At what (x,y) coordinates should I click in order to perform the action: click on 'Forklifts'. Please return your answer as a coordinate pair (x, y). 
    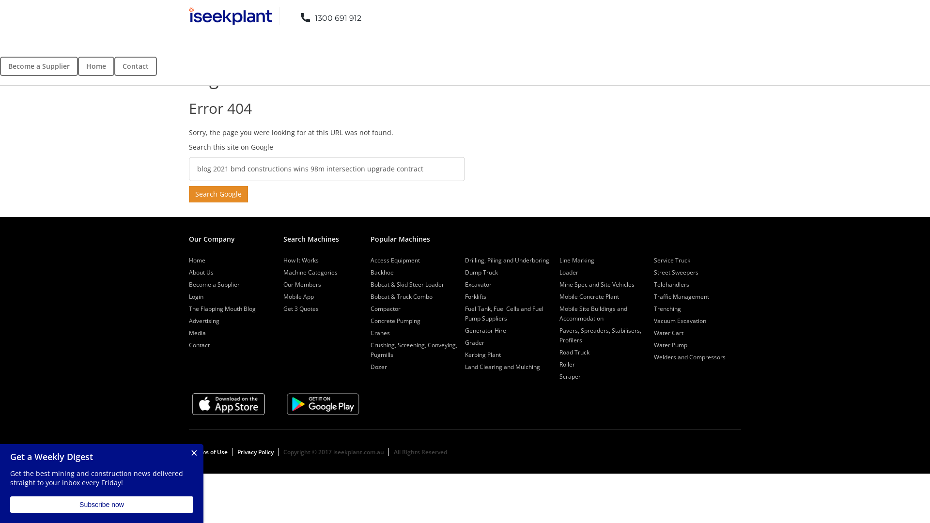
    Looking at the image, I should click on (476, 296).